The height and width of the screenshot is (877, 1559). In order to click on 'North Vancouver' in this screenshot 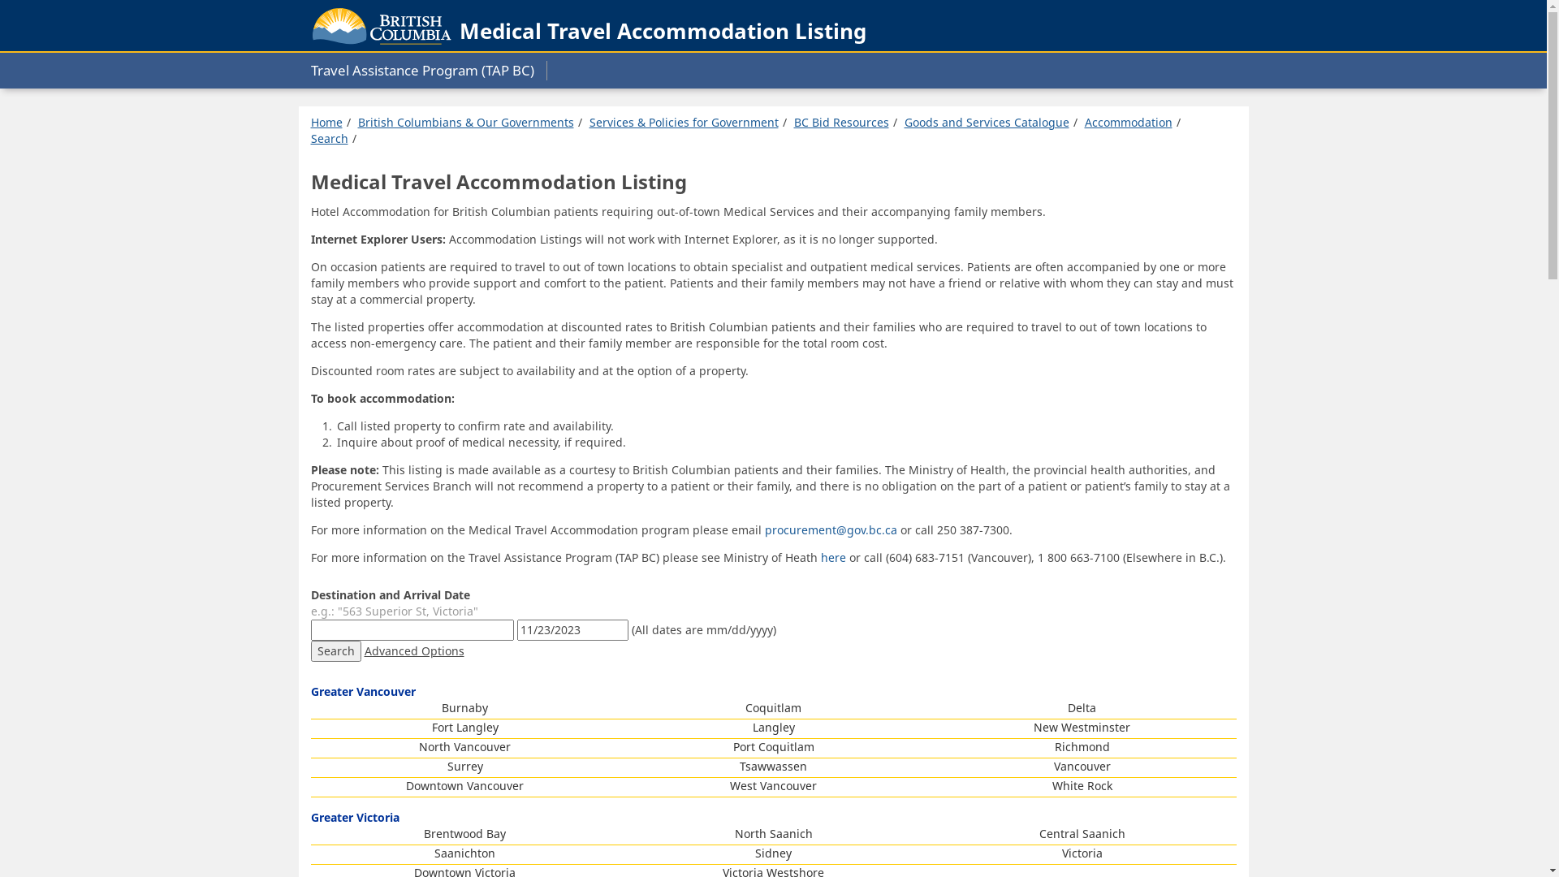, I will do `click(464, 746)`.